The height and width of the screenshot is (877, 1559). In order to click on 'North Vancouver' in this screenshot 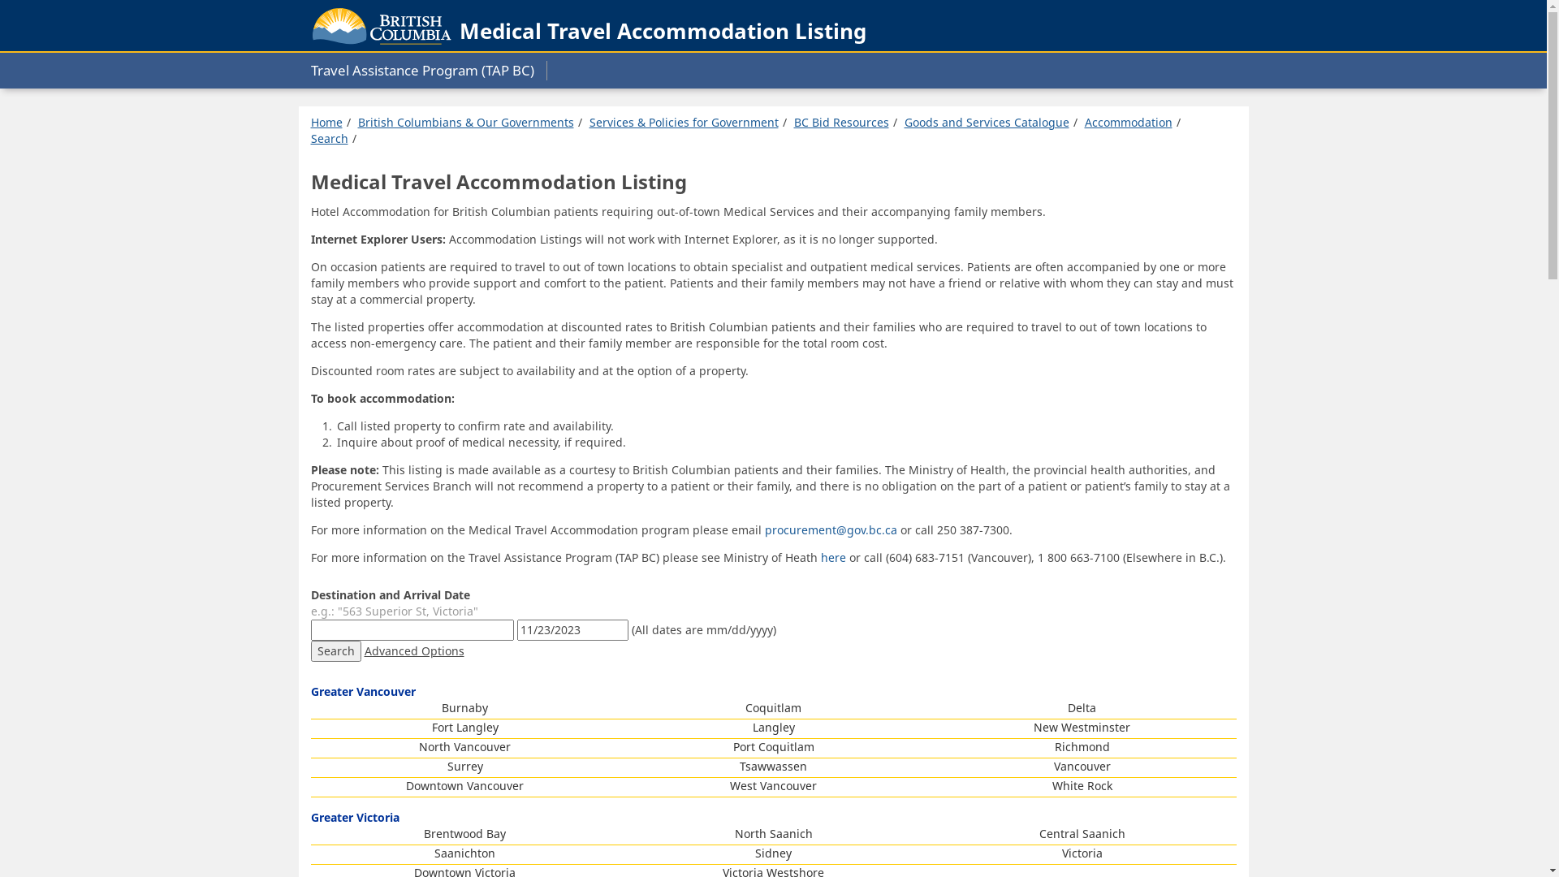, I will do `click(464, 746)`.